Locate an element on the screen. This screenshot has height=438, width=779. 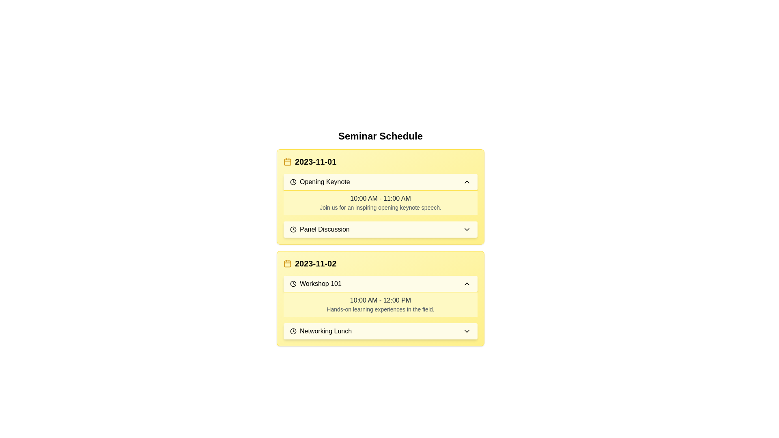
the central circular outline of the clock icon is located at coordinates (293, 331).